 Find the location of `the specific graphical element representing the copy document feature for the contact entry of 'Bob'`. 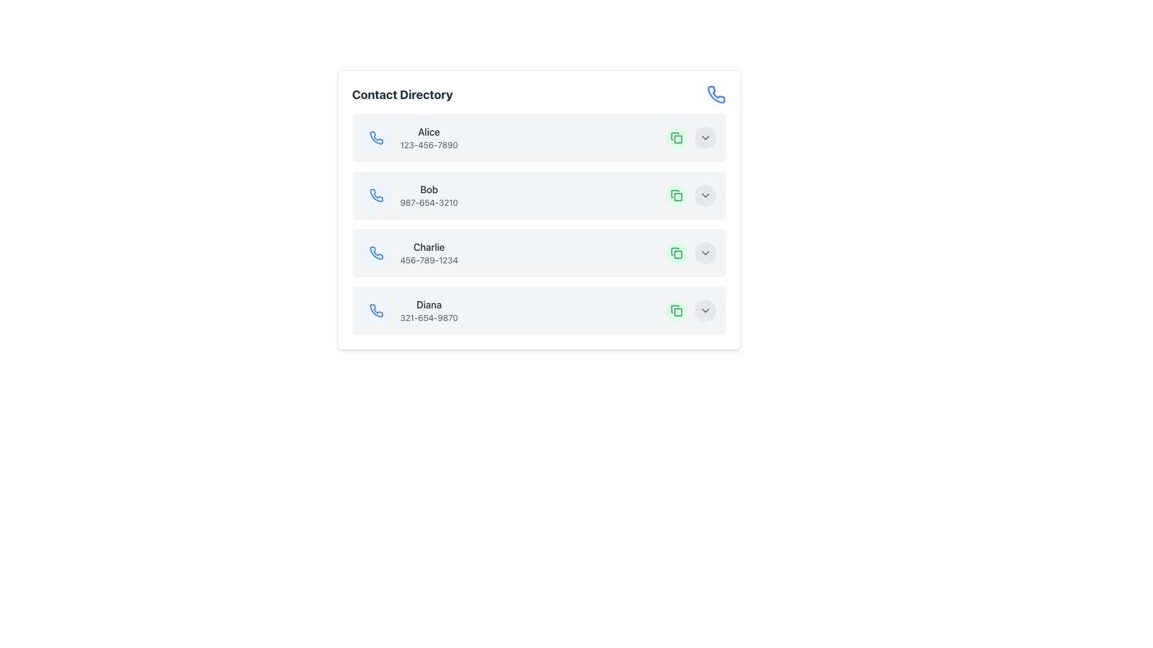

the specific graphical element representing the copy document feature for the contact entry of 'Bob' is located at coordinates (677, 196).